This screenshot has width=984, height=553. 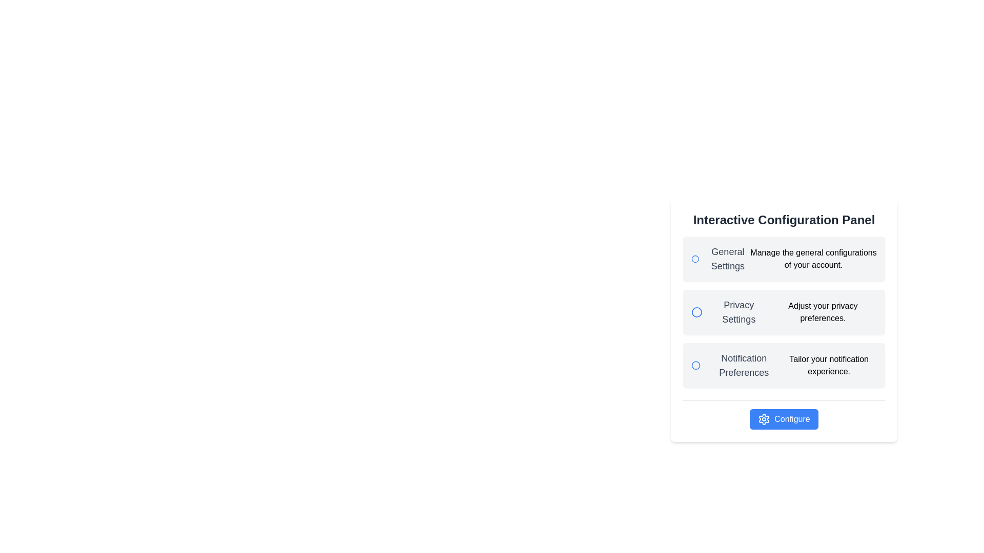 What do you see at coordinates (829, 365) in the screenshot?
I see `the text label that says 'Tailor your notification experience.' located below the 'Notification Preferences' header in the Interactive Configuration Panel` at bounding box center [829, 365].